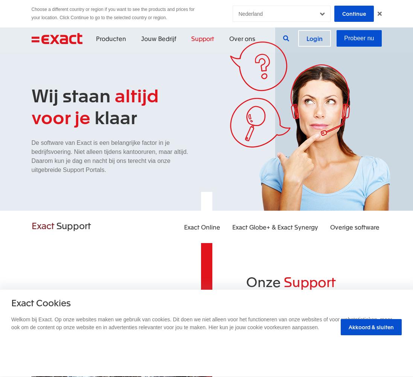 This screenshot has width=413, height=377. Describe the element at coordinates (305, 313) in the screenshot. I see `'zijn het startpunt voor al je vragen'` at that location.